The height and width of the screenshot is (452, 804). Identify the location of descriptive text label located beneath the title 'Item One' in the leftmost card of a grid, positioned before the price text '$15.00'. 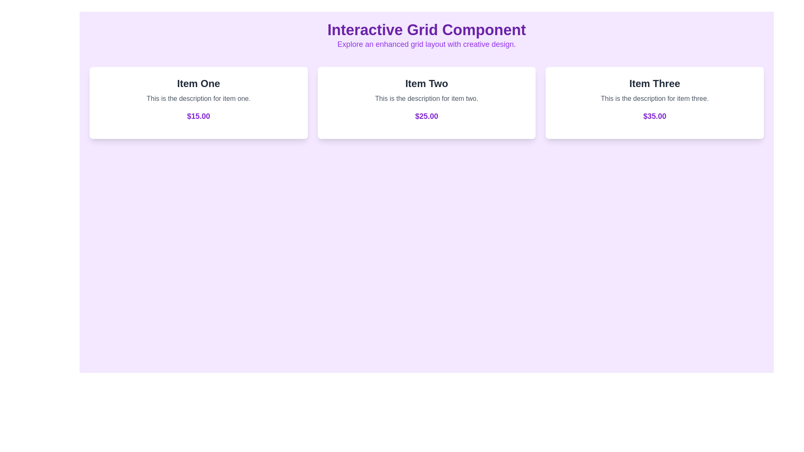
(198, 103).